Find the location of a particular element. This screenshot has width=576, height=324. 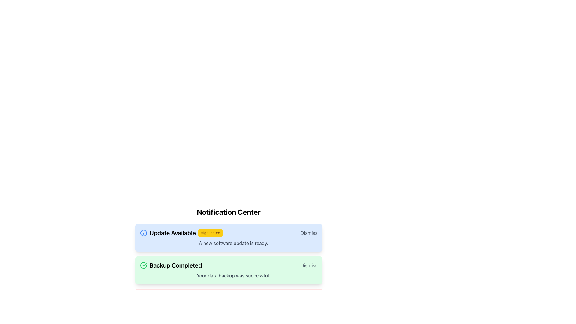

details of the 'Update Available' notification banner located in the Notification Center, which includes the info icon, the text, and the highlighted label is located at coordinates (181, 232).